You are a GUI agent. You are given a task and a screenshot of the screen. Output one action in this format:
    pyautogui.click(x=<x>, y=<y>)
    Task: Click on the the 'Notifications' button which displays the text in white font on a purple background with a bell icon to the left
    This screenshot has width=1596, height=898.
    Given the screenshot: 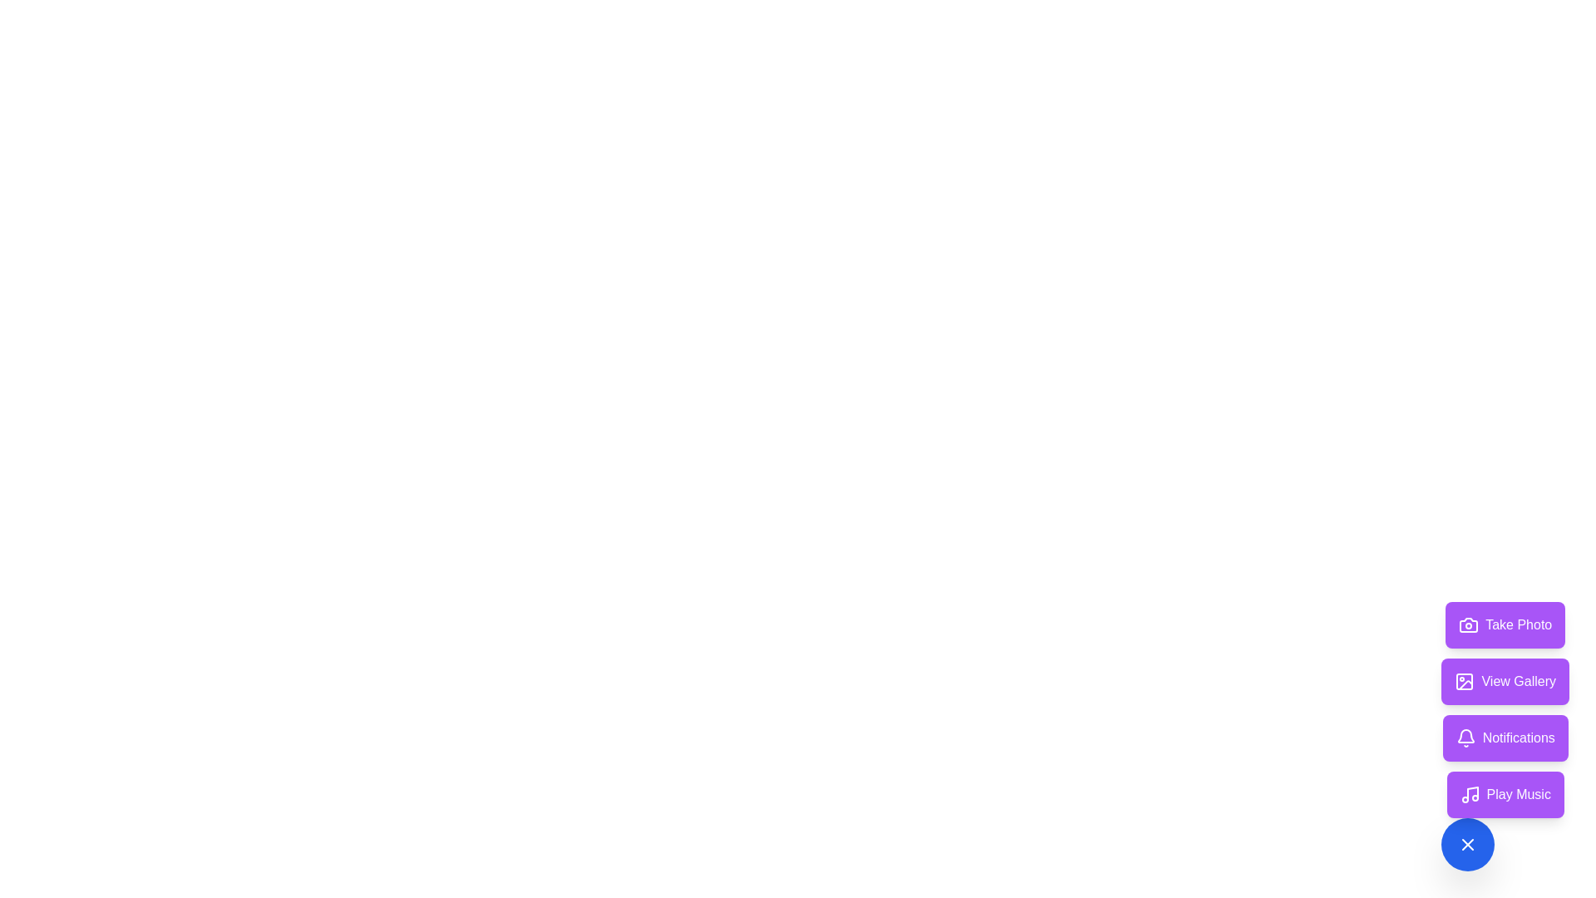 What is the action you would take?
    pyautogui.click(x=1519, y=737)
    